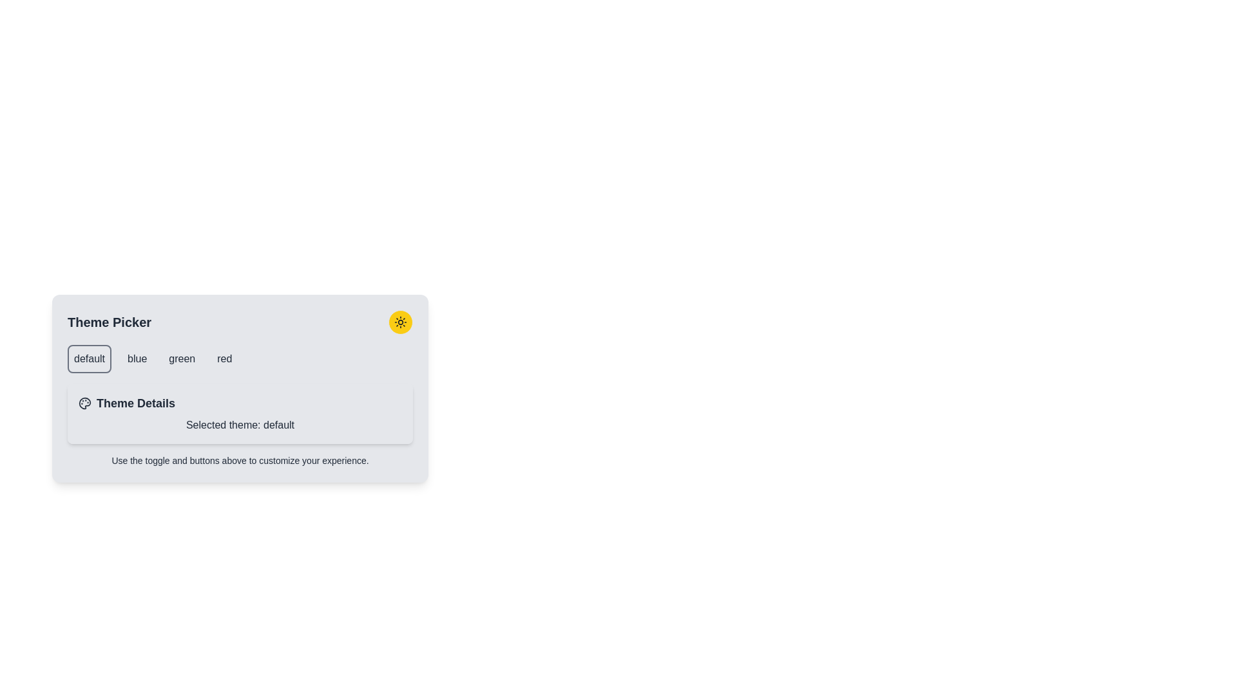 Image resolution: width=1237 pixels, height=695 pixels. I want to click on the artist's palette icon located in the 'Theme Details' section, which is circular with small circles representing paint and a thumbhole area, so click(84, 403).